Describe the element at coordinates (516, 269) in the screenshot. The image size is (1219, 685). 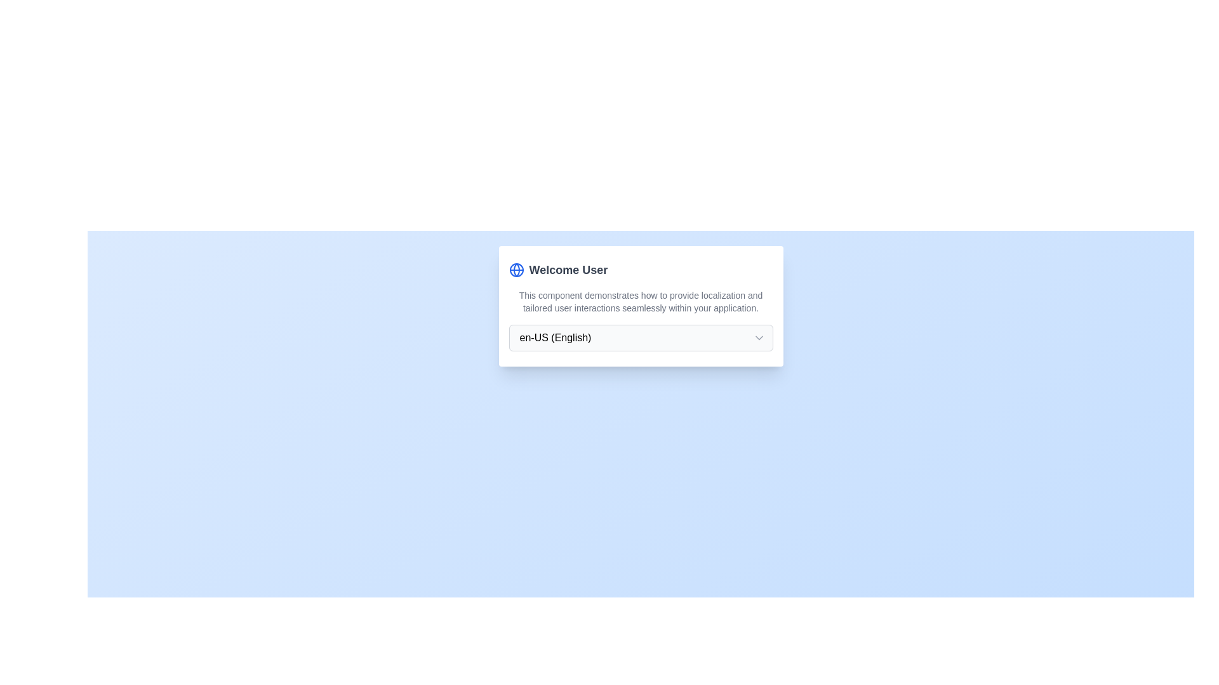
I see `the blue fill SVG Circle that is part of a globe icon located in the top-left corner of the card` at that location.